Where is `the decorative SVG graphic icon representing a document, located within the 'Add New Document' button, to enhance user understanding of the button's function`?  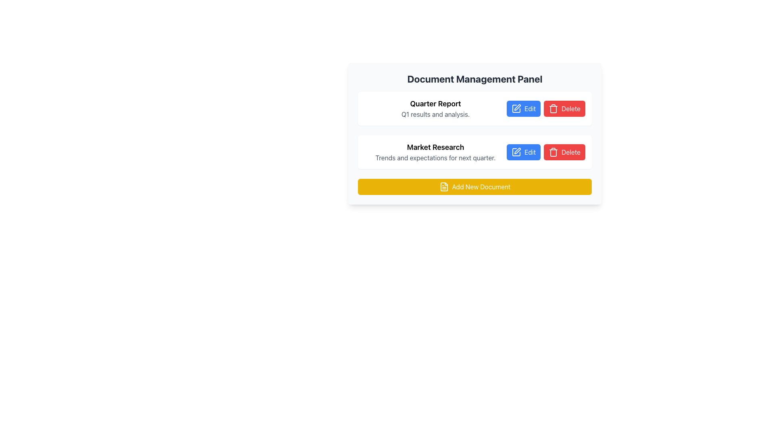
the decorative SVG graphic icon representing a document, located within the 'Add New Document' button, to enhance user understanding of the button's function is located at coordinates (443, 186).